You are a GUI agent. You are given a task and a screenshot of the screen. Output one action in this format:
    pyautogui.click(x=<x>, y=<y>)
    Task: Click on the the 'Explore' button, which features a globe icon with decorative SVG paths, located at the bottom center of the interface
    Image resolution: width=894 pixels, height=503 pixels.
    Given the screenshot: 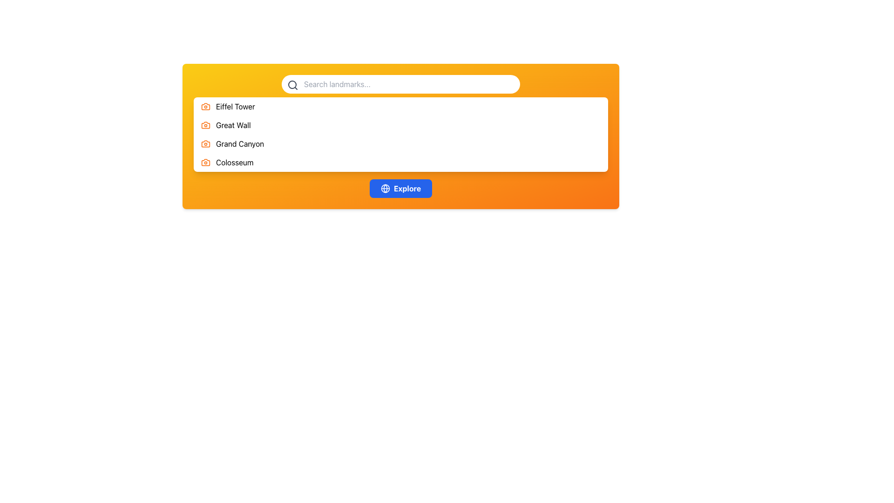 What is the action you would take?
    pyautogui.click(x=385, y=189)
    